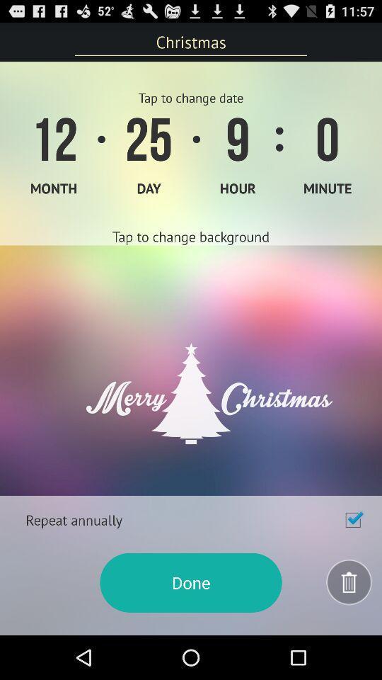 The image size is (382, 680). I want to click on switch autoplay option, so click(352, 519).